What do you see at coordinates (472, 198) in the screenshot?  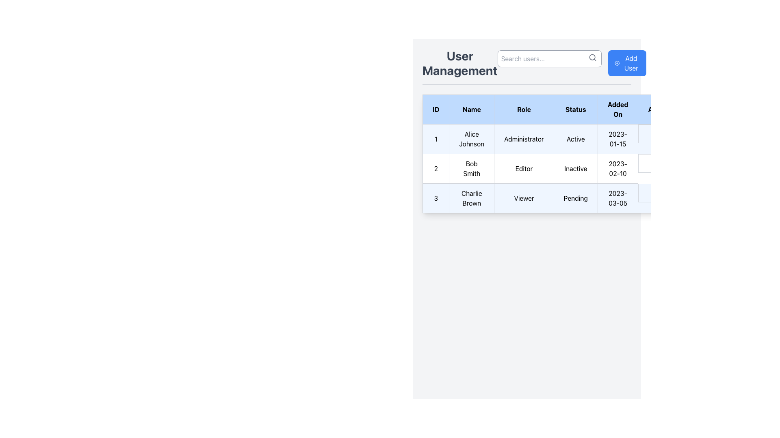 I see `text 'Charlie Brown' from the table cell in the 'User Management' interface located in the second column of the third row` at bounding box center [472, 198].